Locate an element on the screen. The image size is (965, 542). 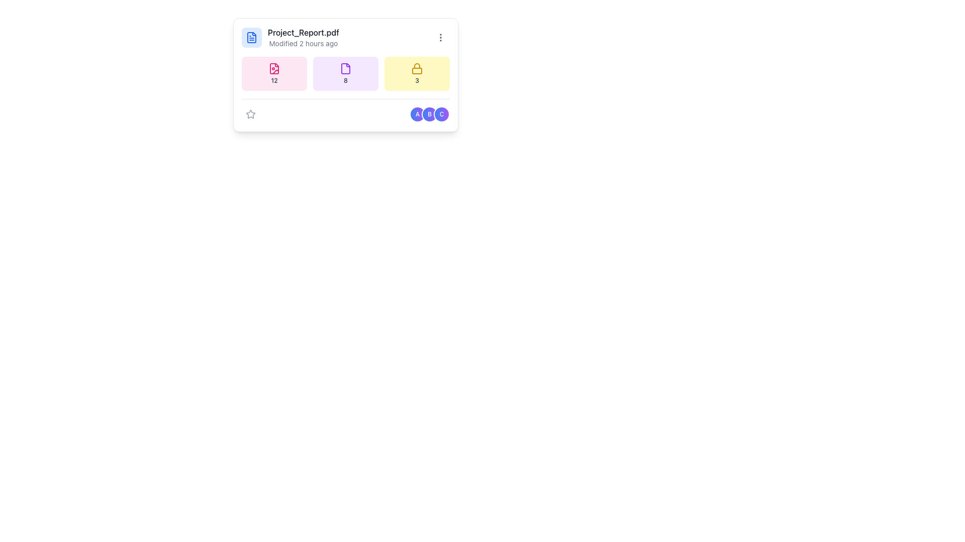
the small numerical text '8' that is located at the bottom center of the light purple card displaying '8 Documents' and a file icon to associate the count with the larger context is located at coordinates (345, 80).